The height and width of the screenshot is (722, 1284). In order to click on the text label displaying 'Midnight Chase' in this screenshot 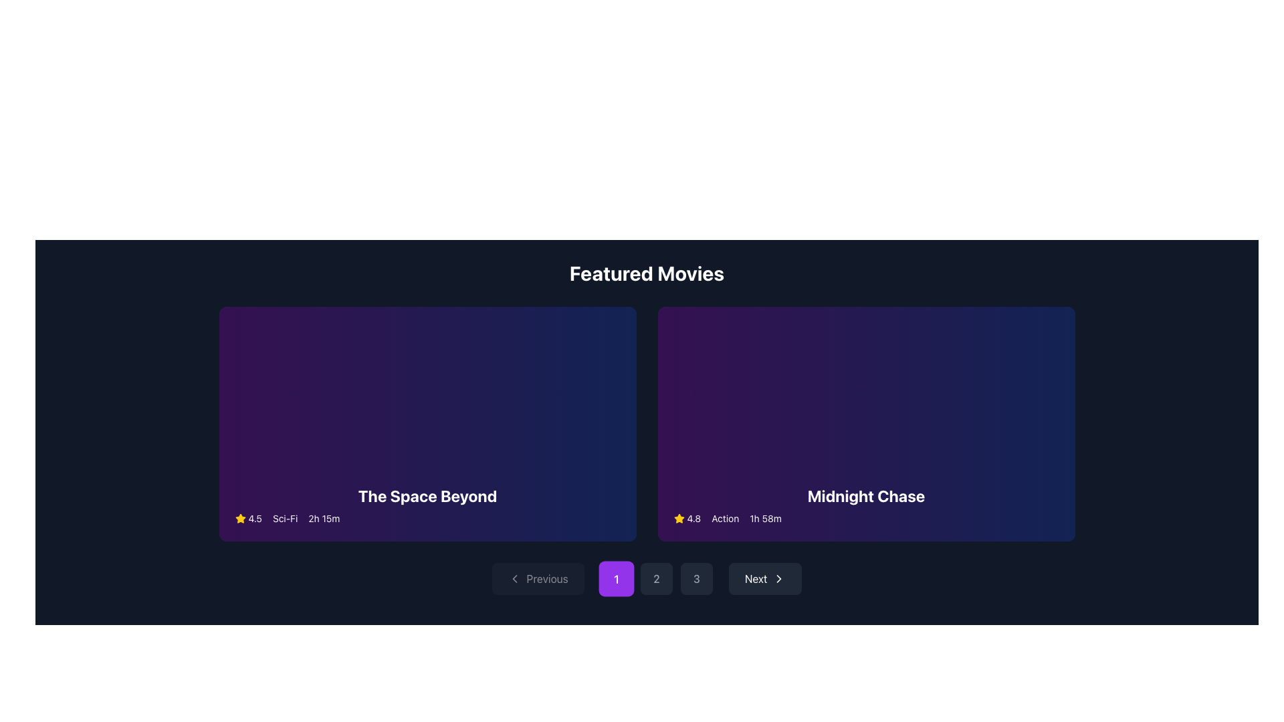, I will do `click(866, 495)`.